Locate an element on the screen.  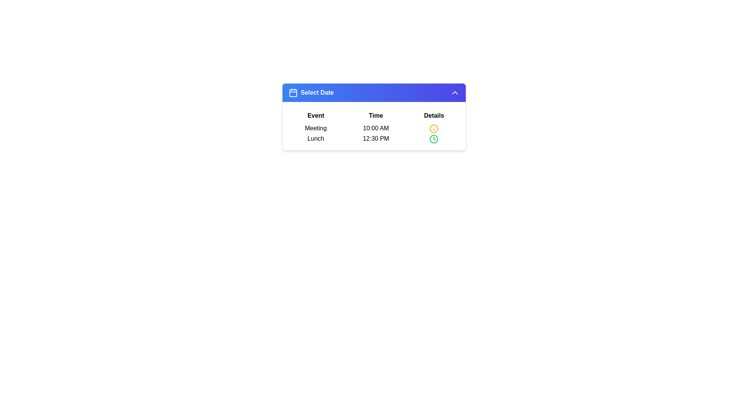
the date selection label positioned in the header of the blue box, located at the top left adjacent to the left edge is located at coordinates (311, 92).